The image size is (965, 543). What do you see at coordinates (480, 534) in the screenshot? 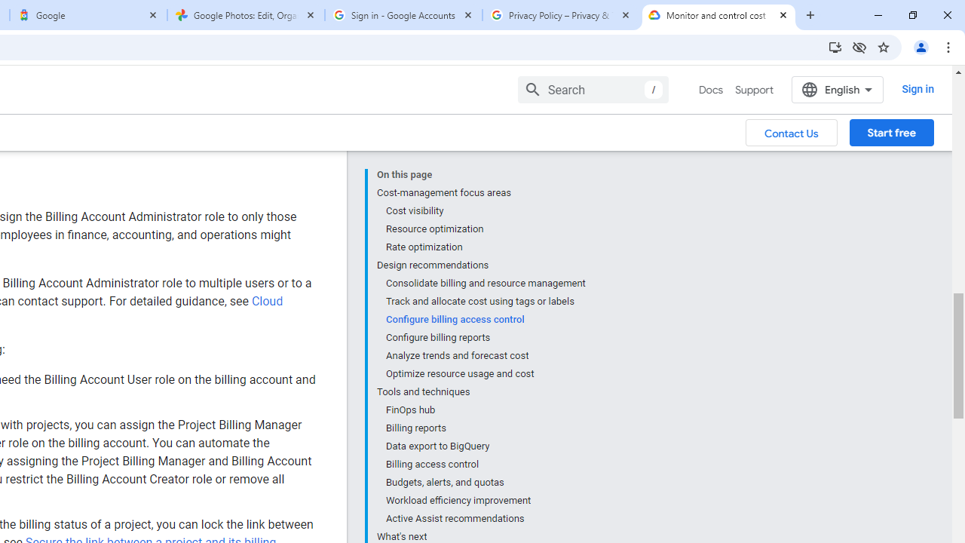
I see `'What'` at bounding box center [480, 534].